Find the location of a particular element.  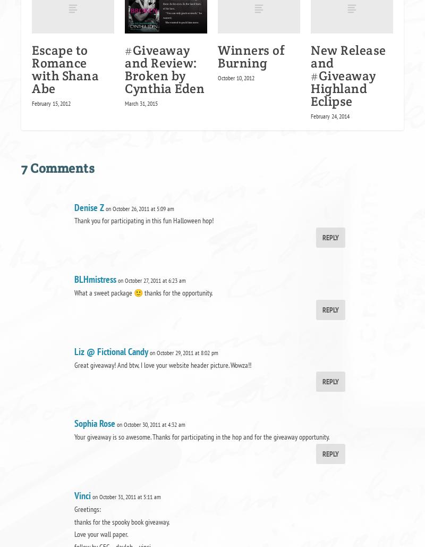

'on October 29, 2011 at 8:02 pm' is located at coordinates (184, 352).